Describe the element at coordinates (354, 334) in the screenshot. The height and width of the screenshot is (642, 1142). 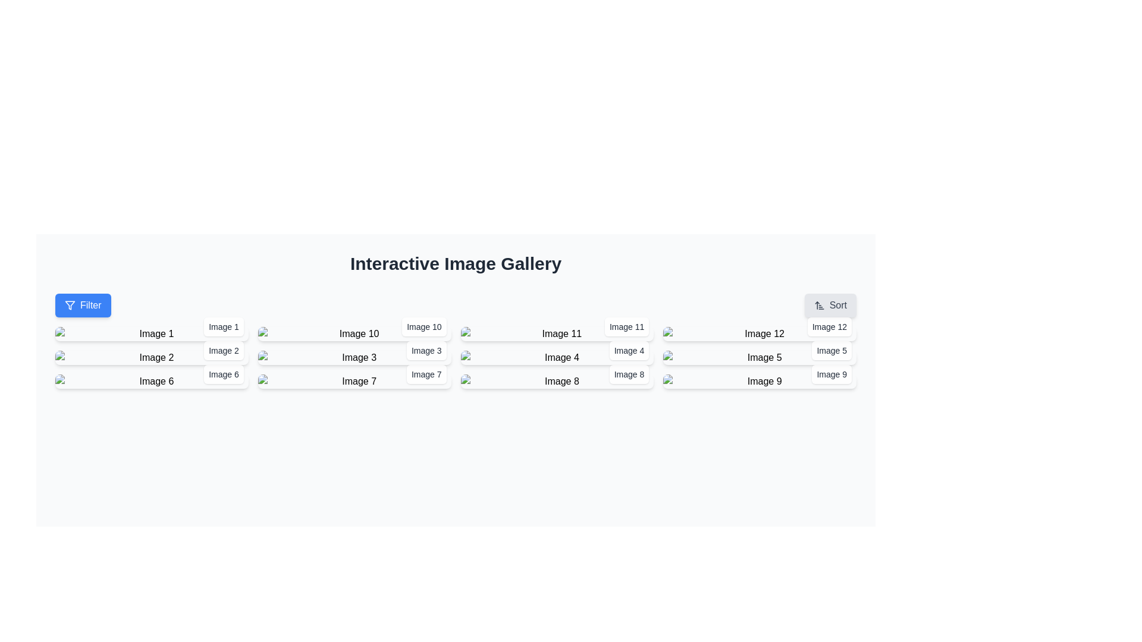
I see `on the ImageDisplay element, which is the second item in the first row of a 4x4 grid layout, displaying an image thumbnail with its corresponding label` at that location.